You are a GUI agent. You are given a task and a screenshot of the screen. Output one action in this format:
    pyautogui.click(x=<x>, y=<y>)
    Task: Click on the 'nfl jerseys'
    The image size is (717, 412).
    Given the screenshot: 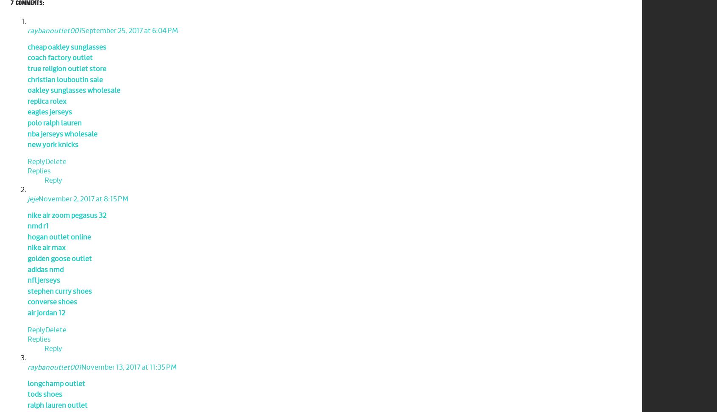 What is the action you would take?
    pyautogui.click(x=44, y=281)
    